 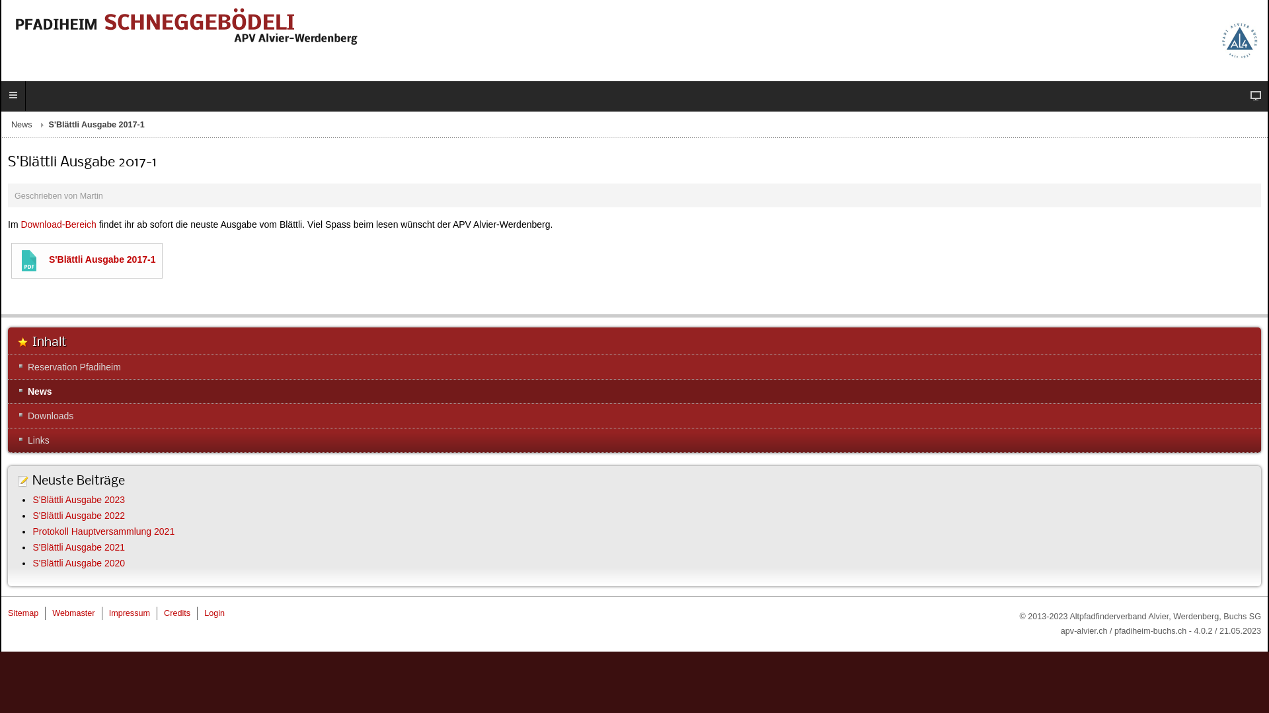 What do you see at coordinates (22, 613) in the screenshot?
I see `'Sitemap'` at bounding box center [22, 613].